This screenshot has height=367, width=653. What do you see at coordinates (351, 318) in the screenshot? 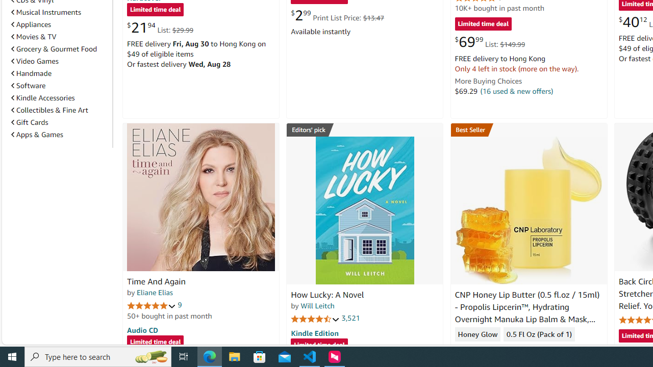
I see `'3,521'` at bounding box center [351, 318].